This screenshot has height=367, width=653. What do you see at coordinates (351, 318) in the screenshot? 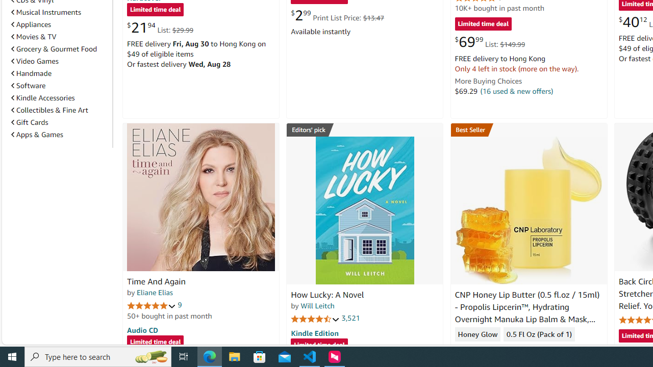
I see `'3,521'` at bounding box center [351, 318].